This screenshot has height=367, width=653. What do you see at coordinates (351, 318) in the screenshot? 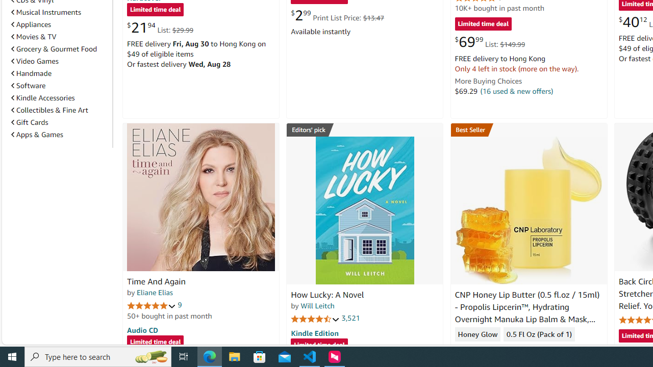
I see `'3,521'` at bounding box center [351, 318].